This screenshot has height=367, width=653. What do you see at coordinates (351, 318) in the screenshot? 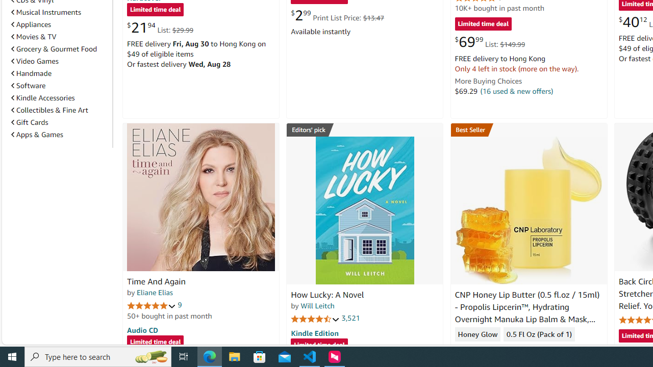
I see `'3,521'` at bounding box center [351, 318].